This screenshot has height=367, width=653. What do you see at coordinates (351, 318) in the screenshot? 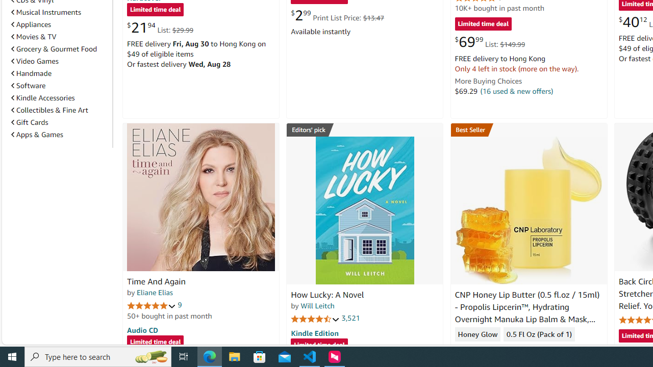
I see `'3,521'` at bounding box center [351, 318].